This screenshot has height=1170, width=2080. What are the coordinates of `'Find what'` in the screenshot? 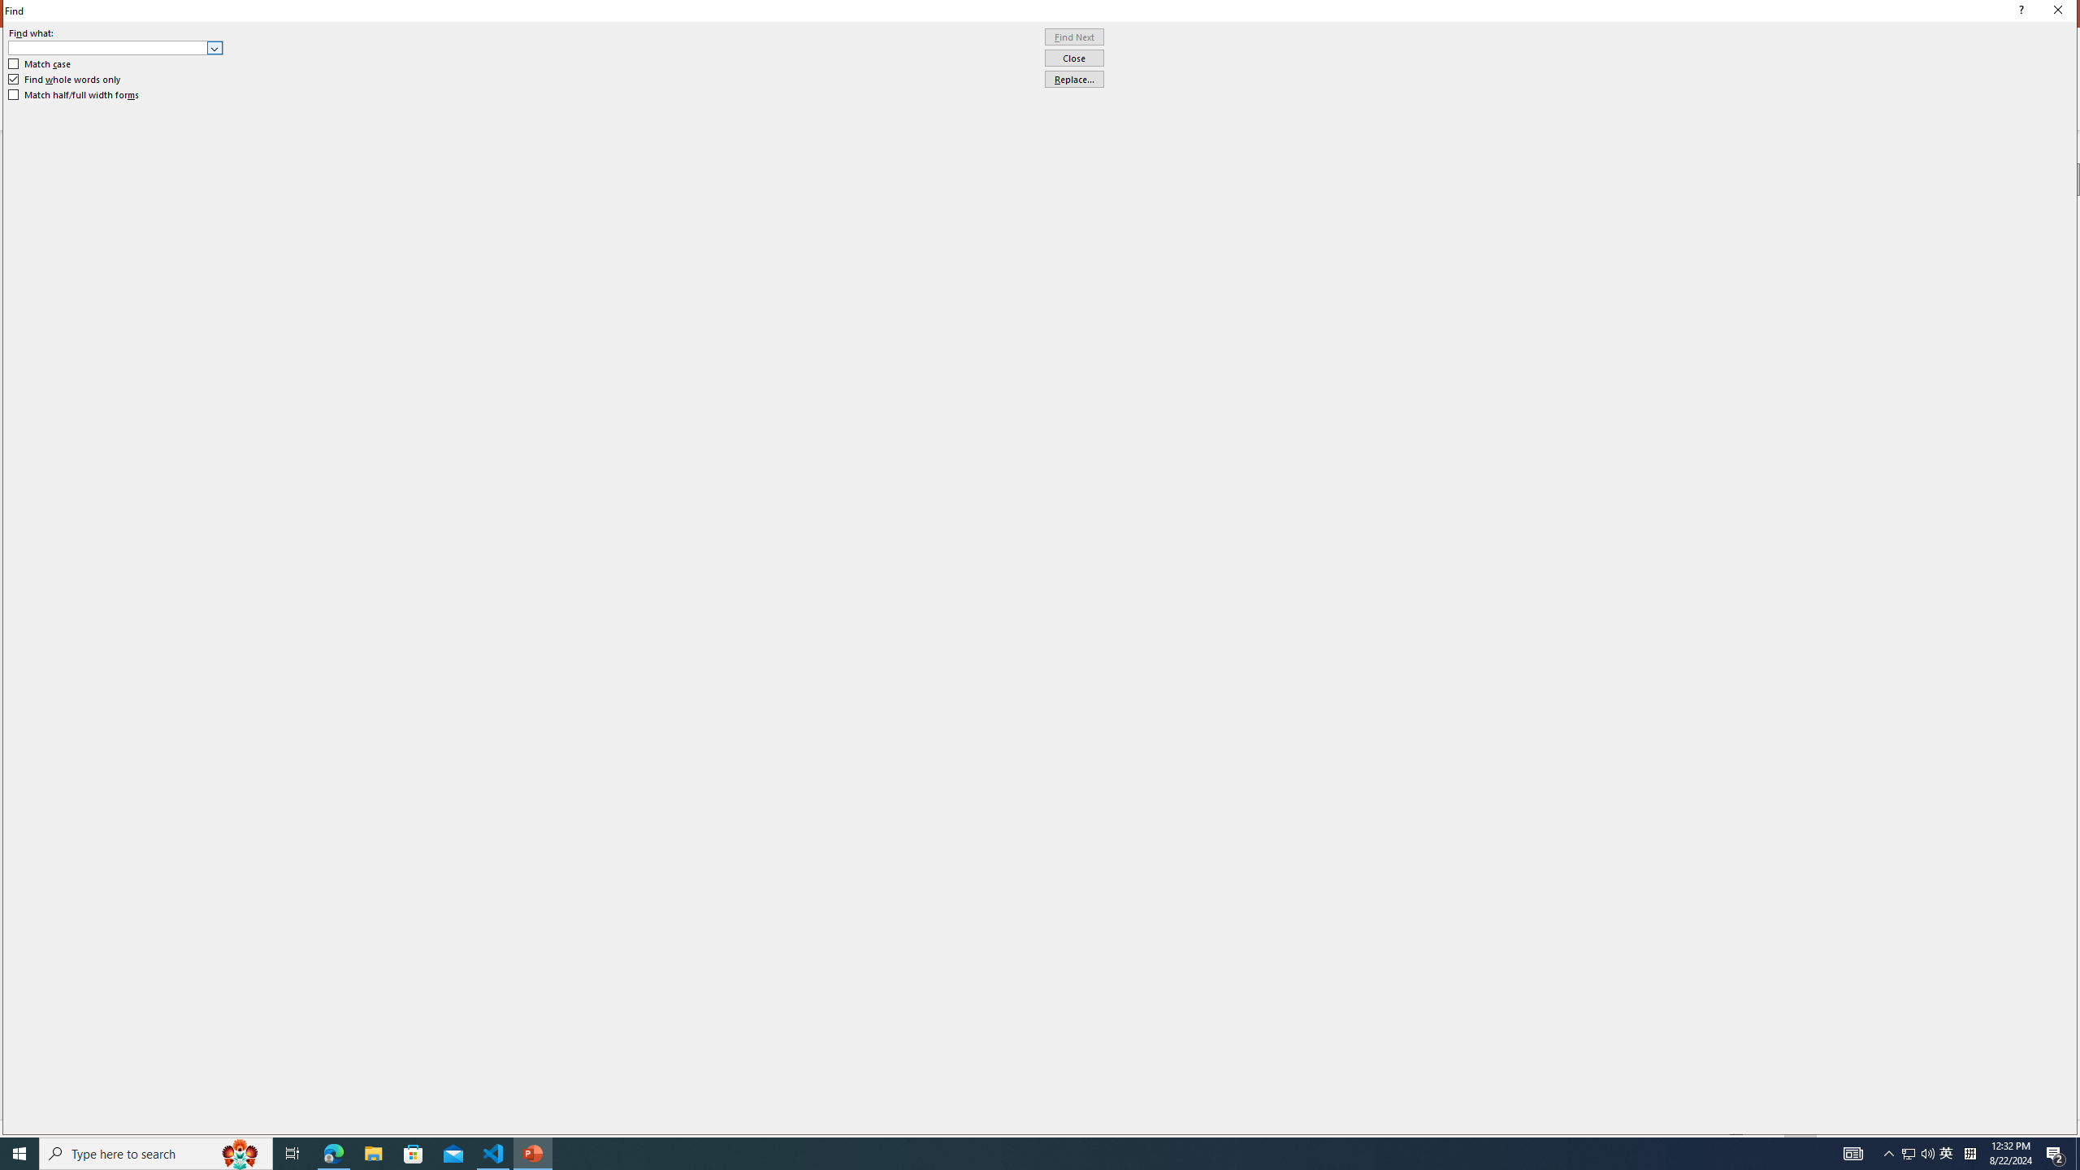 It's located at (115, 47).